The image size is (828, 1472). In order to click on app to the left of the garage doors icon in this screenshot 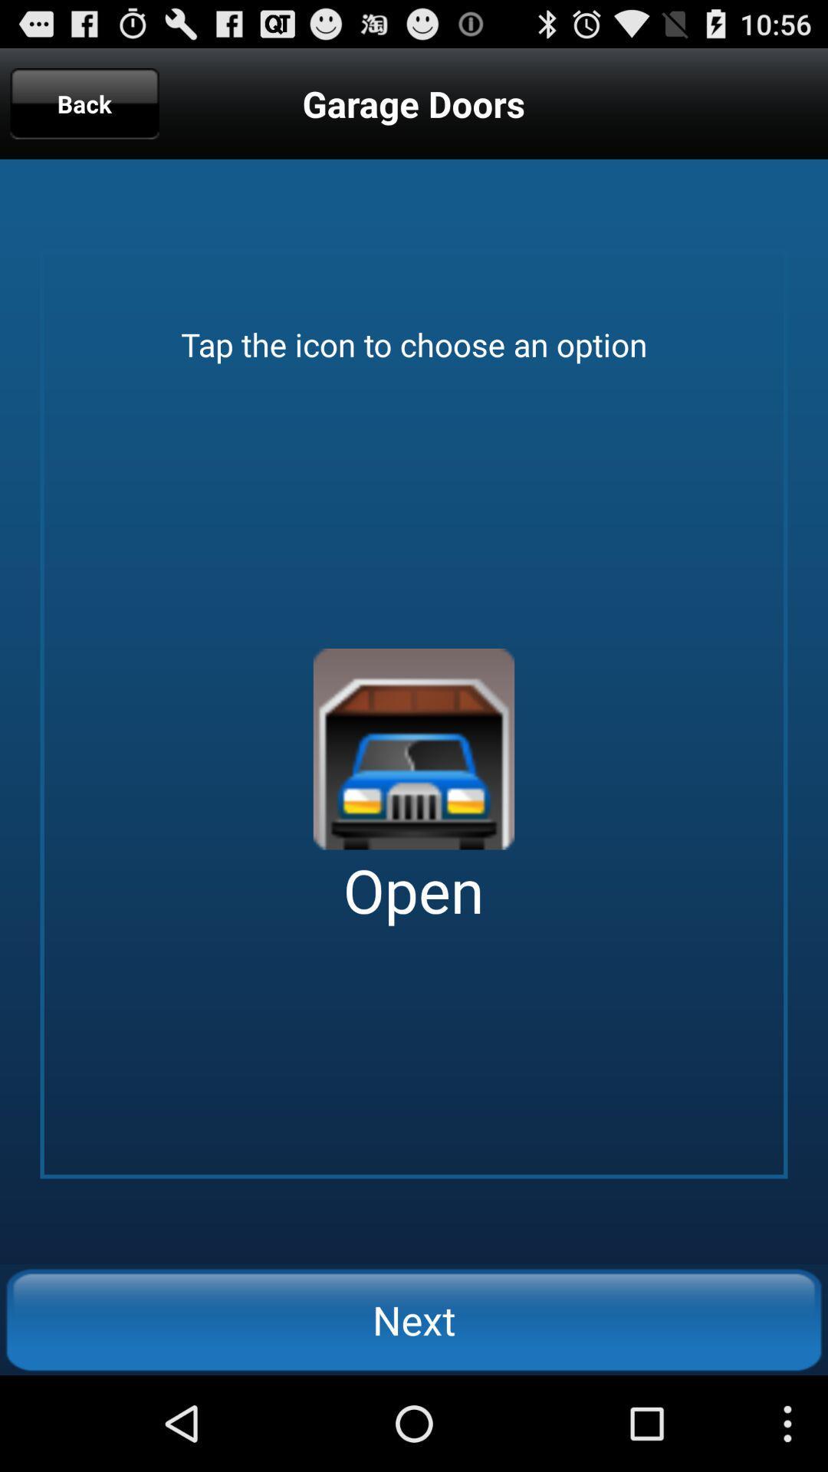, I will do `click(84, 103)`.